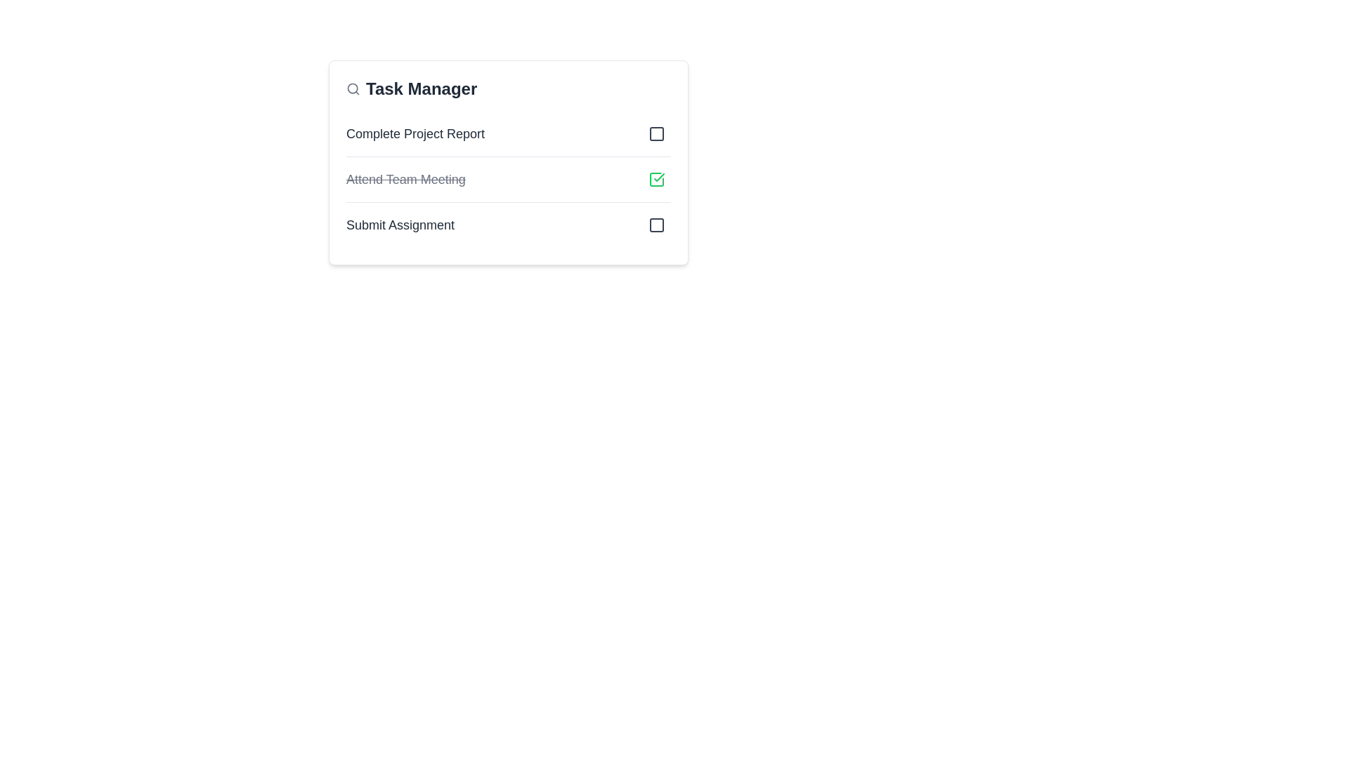 This screenshot has width=1349, height=758. Describe the element at coordinates (656, 178) in the screenshot. I see `the rectangular border of the checkbox for the 'Attend Team Meeting' task to mark or unmark the task` at that location.